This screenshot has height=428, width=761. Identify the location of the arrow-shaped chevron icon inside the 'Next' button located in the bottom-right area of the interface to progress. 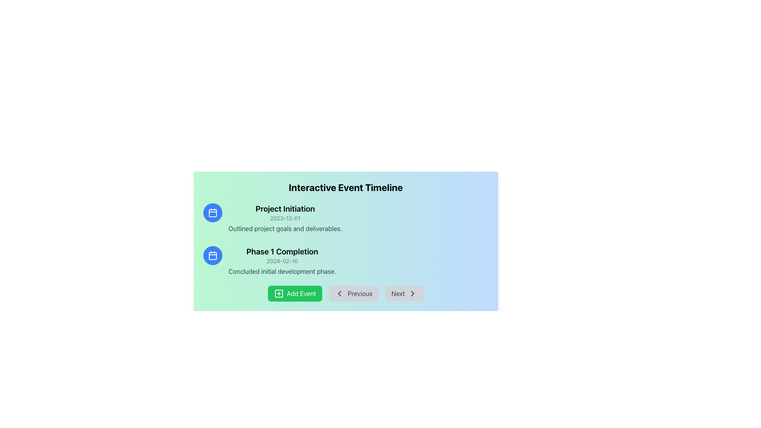
(412, 293).